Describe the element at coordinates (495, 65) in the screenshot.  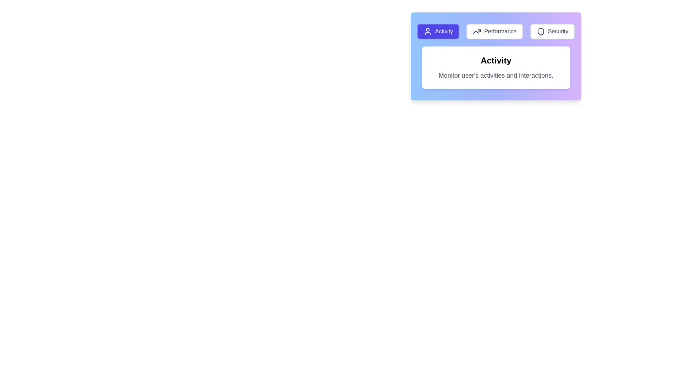
I see `the Information panel that provides a textual description about monitoring user activities and interactions, located below the 'Activity', 'Performance', and 'Security' buttons` at that location.